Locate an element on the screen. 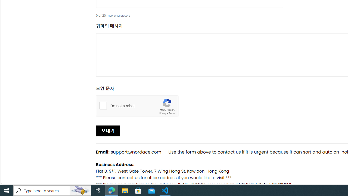 The height and width of the screenshot is (196, 348). 'Terms' is located at coordinates (171, 113).